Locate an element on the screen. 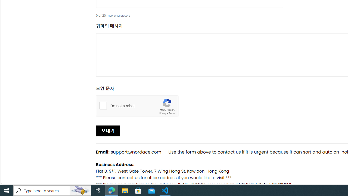 The height and width of the screenshot is (196, 348). 'Terms' is located at coordinates (171, 113).